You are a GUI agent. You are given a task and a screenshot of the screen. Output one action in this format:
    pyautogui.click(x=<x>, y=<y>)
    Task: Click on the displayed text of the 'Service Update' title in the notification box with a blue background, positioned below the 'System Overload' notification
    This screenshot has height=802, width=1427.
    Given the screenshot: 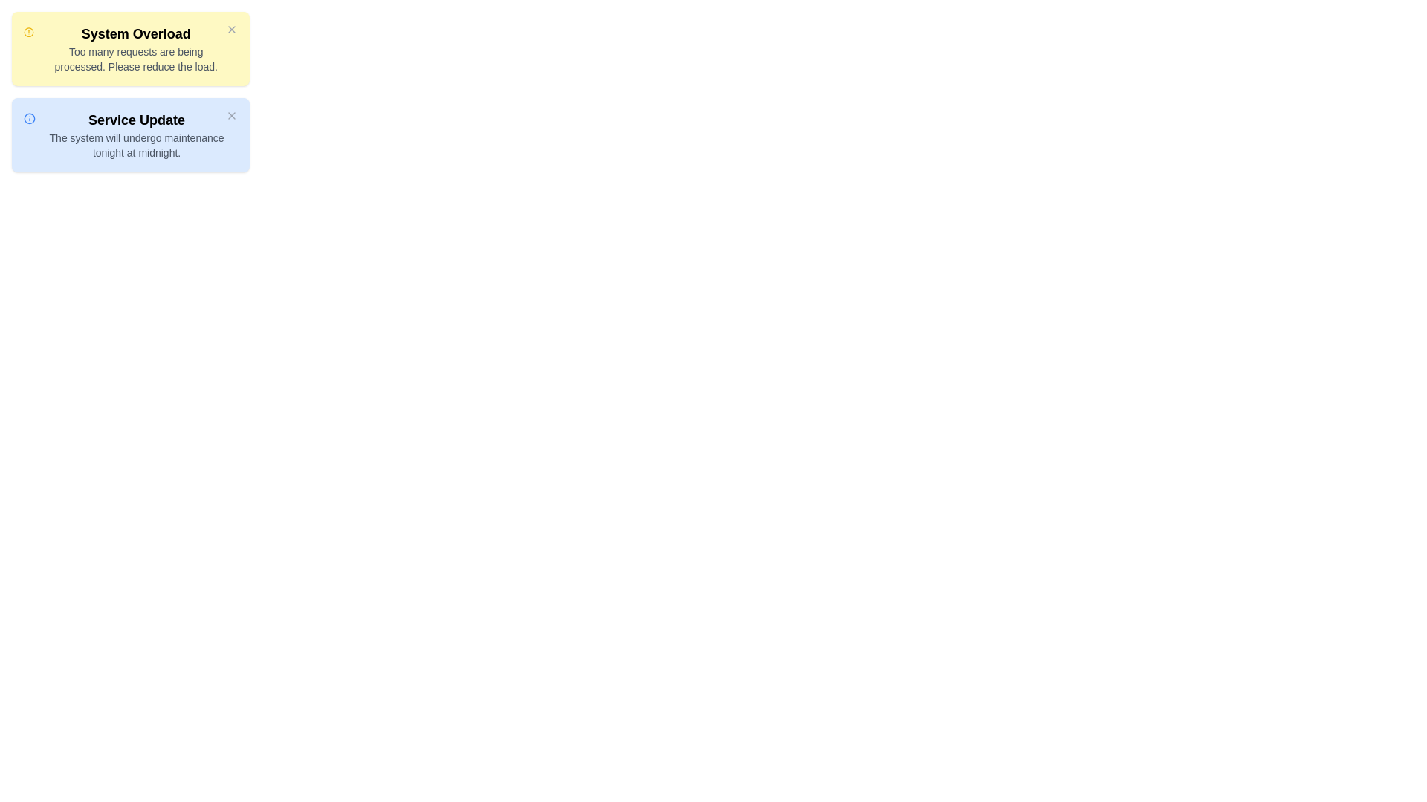 What is the action you would take?
    pyautogui.click(x=137, y=120)
    